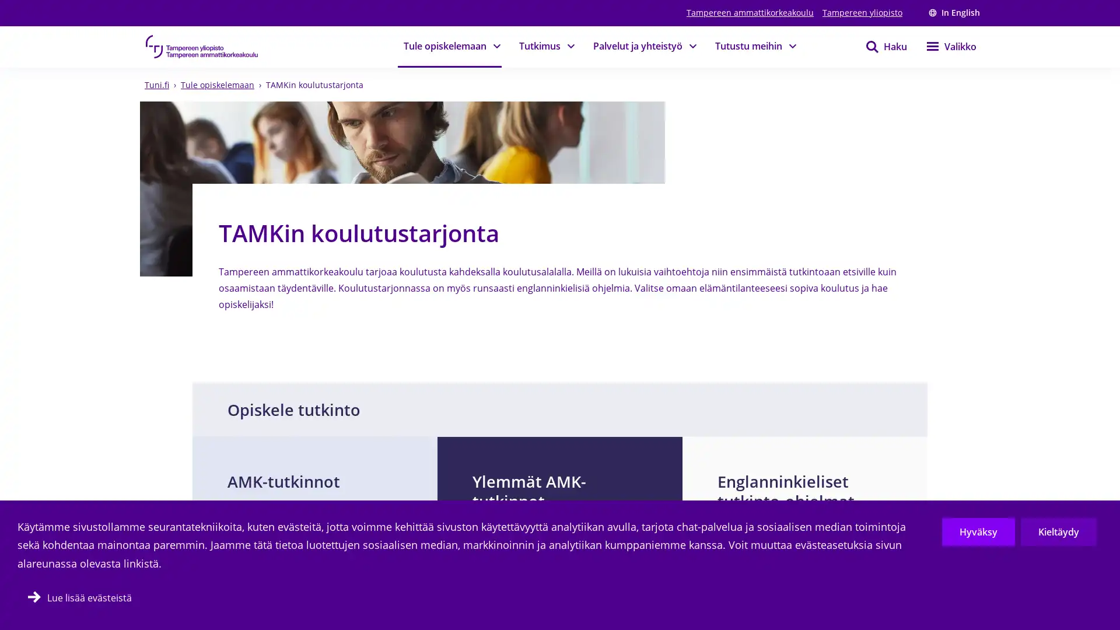  Describe the element at coordinates (951, 46) in the screenshot. I see `Valikko` at that location.